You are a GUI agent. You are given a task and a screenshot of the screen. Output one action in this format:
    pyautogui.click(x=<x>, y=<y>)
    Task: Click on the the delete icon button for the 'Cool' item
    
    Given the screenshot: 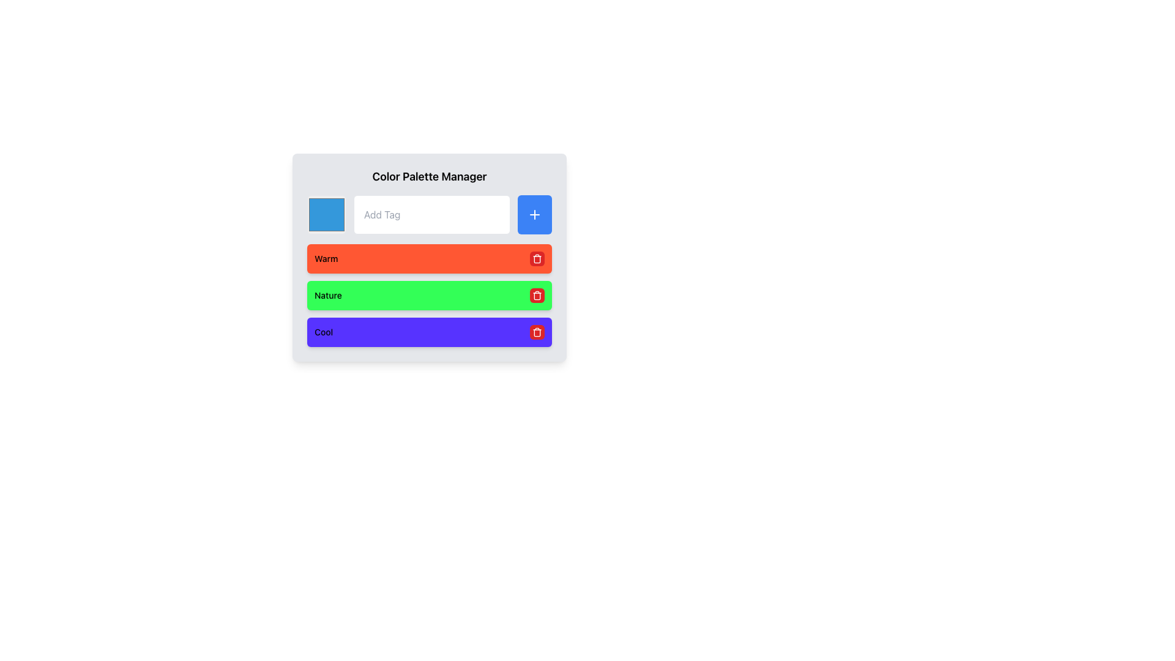 What is the action you would take?
    pyautogui.click(x=537, y=332)
    